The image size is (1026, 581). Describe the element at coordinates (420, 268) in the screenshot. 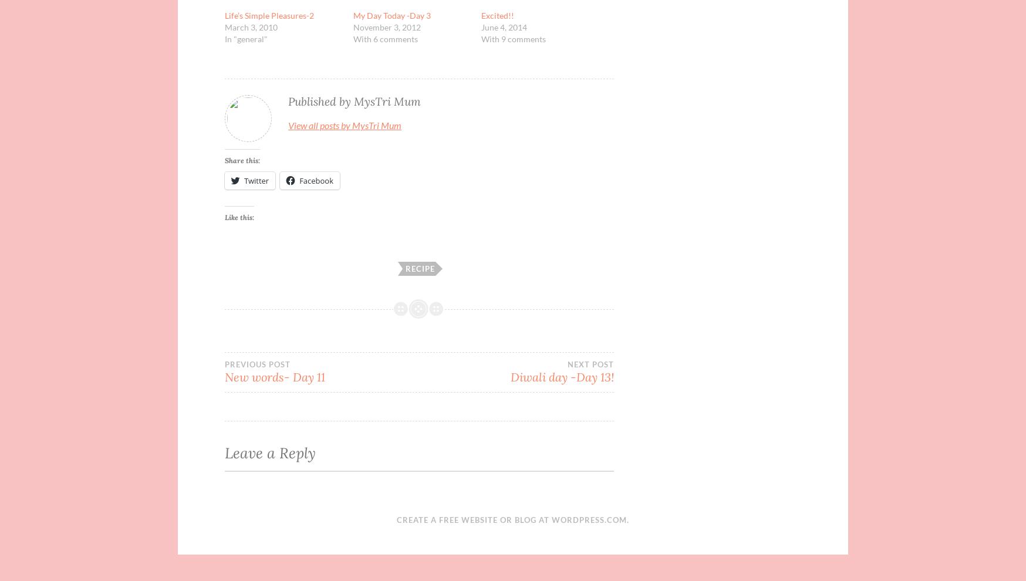

I see `'Recipe'` at that location.